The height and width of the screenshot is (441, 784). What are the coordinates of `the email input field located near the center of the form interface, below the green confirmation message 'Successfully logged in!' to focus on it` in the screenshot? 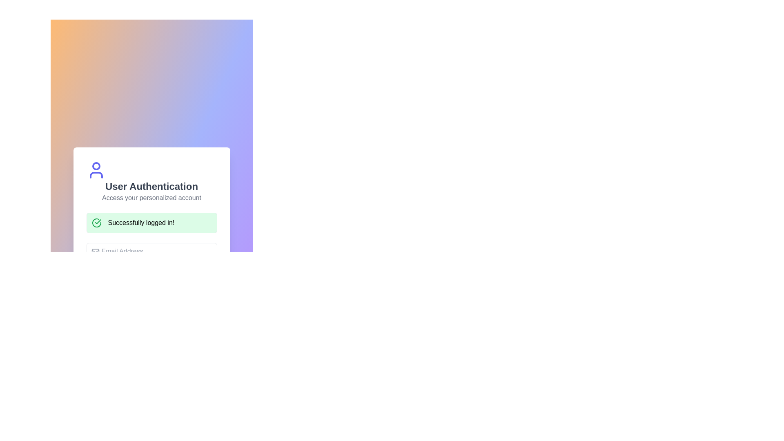 It's located at (151, 251).